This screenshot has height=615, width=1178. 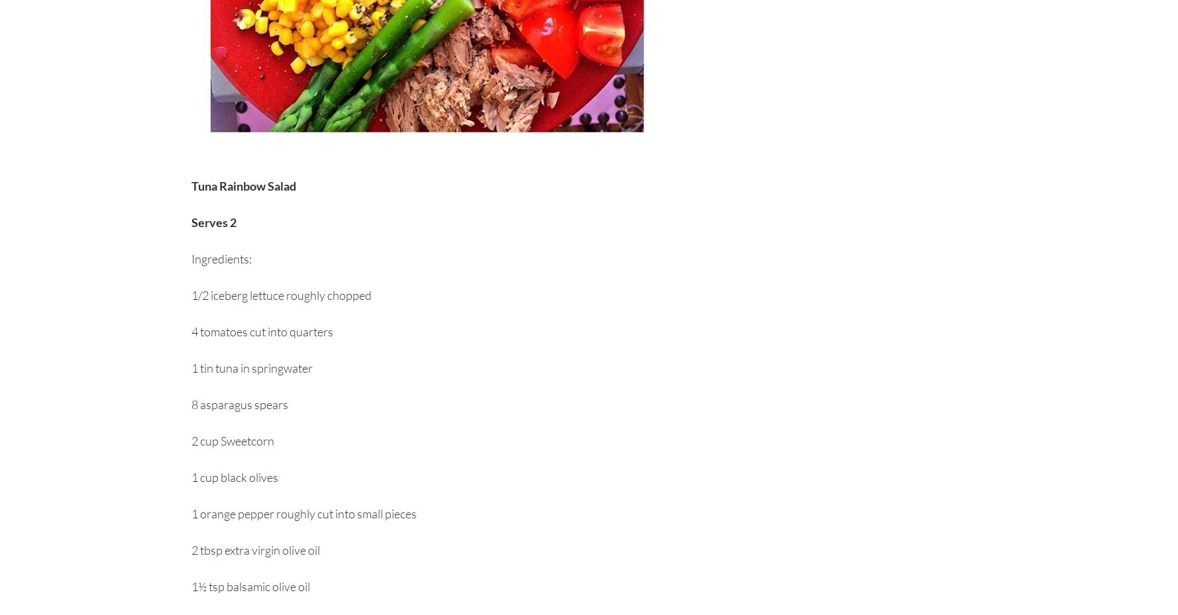 I want to click on 'Tuna Rainbow Salad', so click(x=243, y=186).